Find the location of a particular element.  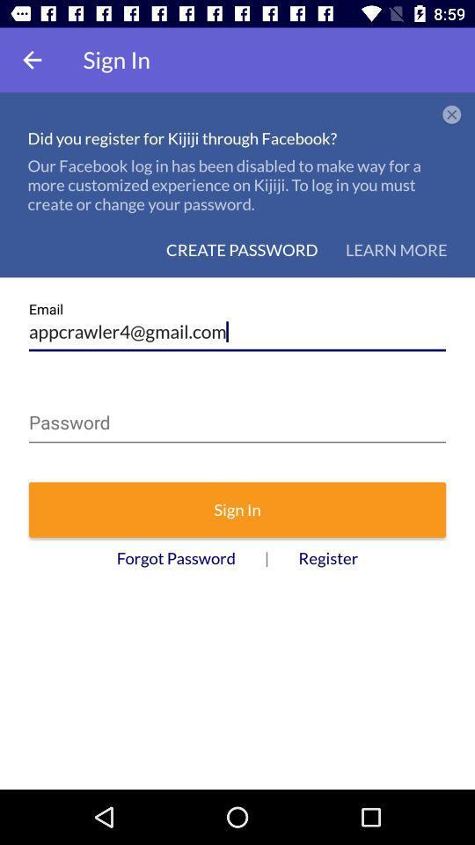

the icon below the sign in is located at coordinates (176, 557).